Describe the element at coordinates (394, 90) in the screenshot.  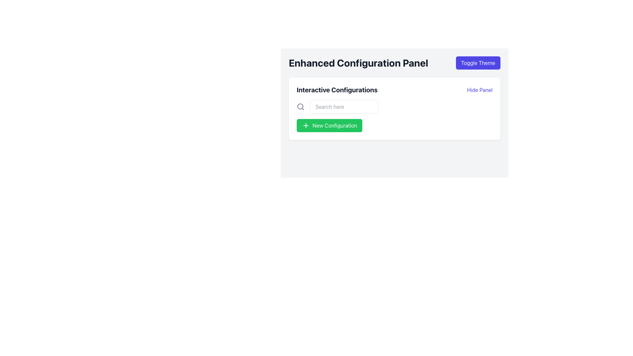
I see `the 'Hide Panel' link on the right side of the element labeled 'Interactive Configurations'` at that location.